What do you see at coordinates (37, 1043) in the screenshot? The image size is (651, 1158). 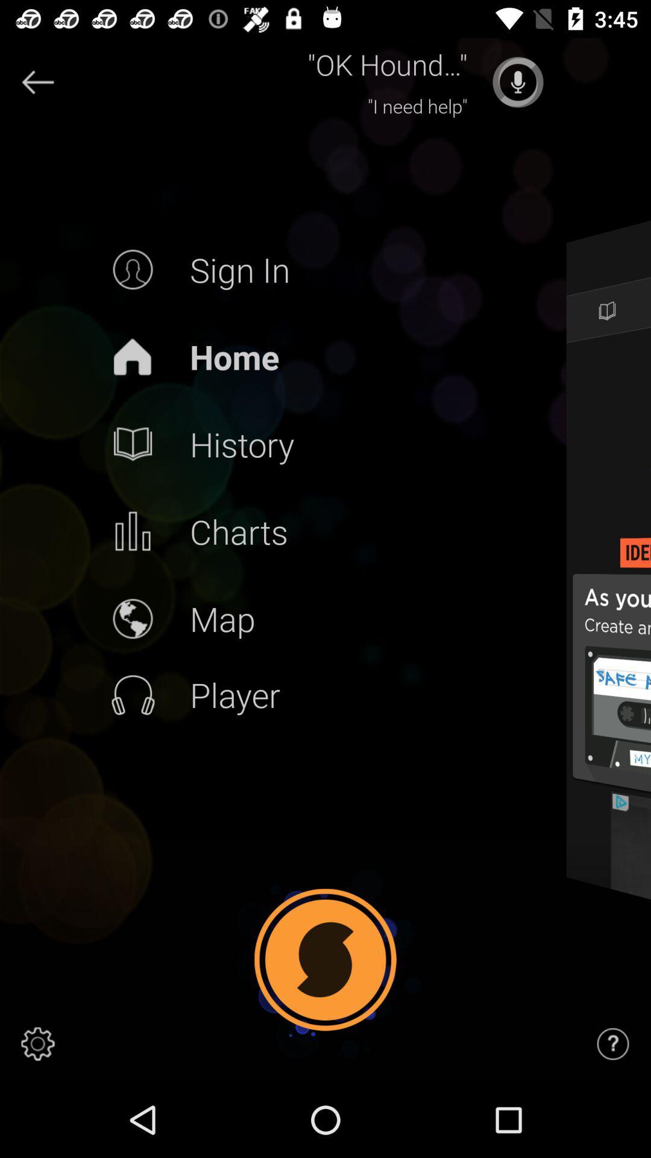 I see `settings` at bounding box center [37, 1043].